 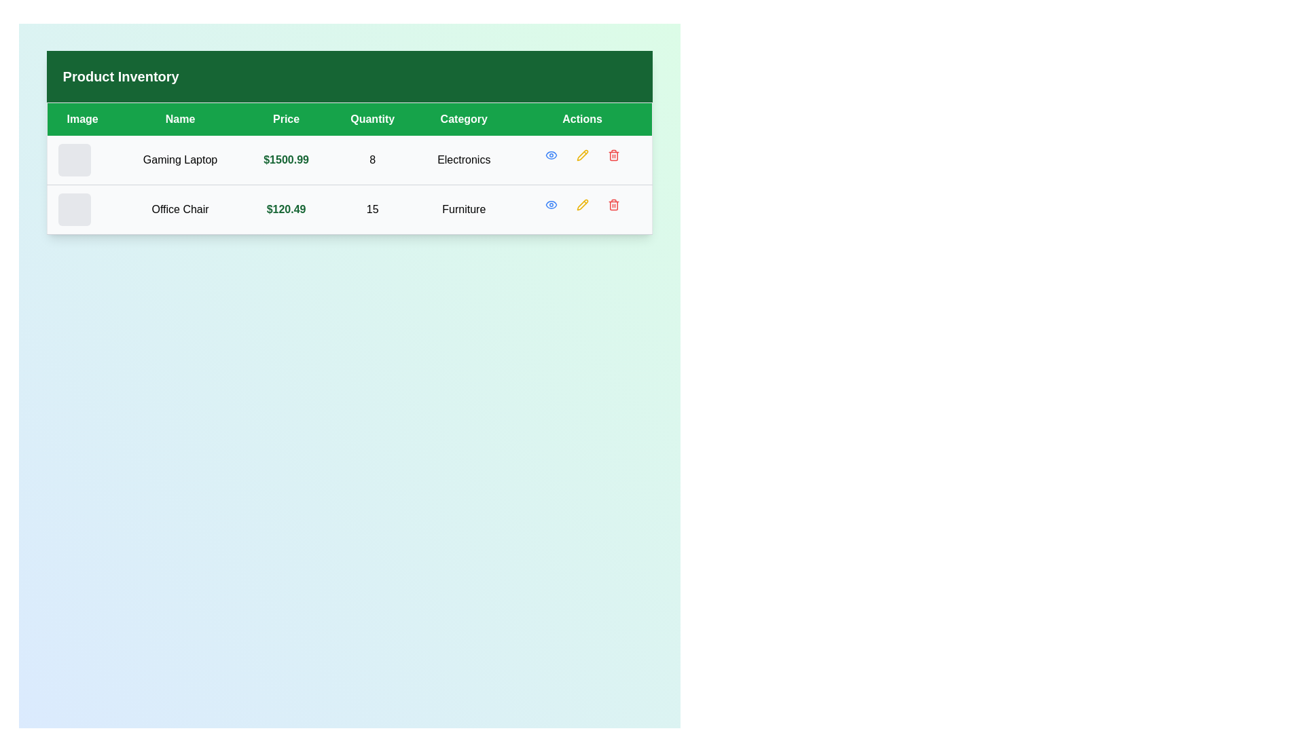 What do you see at coordinates (613, 155) in the screenshot?
I see `the delete button in the 'Actions' column of the 'Product Inventory' table that corresponds to the 'Gaming Laptop' row` at bounding box center [613, 155].